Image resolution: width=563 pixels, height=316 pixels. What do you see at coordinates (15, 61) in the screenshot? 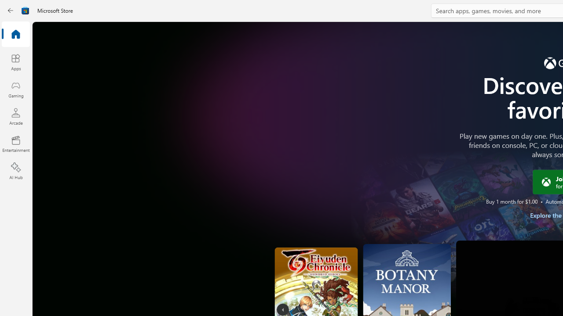
I see `'Apps'` at bounding box center [15, 61].